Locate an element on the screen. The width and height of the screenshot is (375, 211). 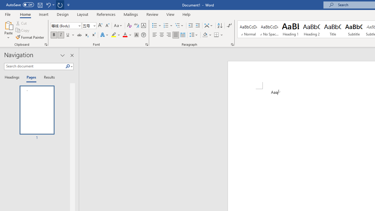
'Text Effects and Typography' is located at coordinates (105, 35).